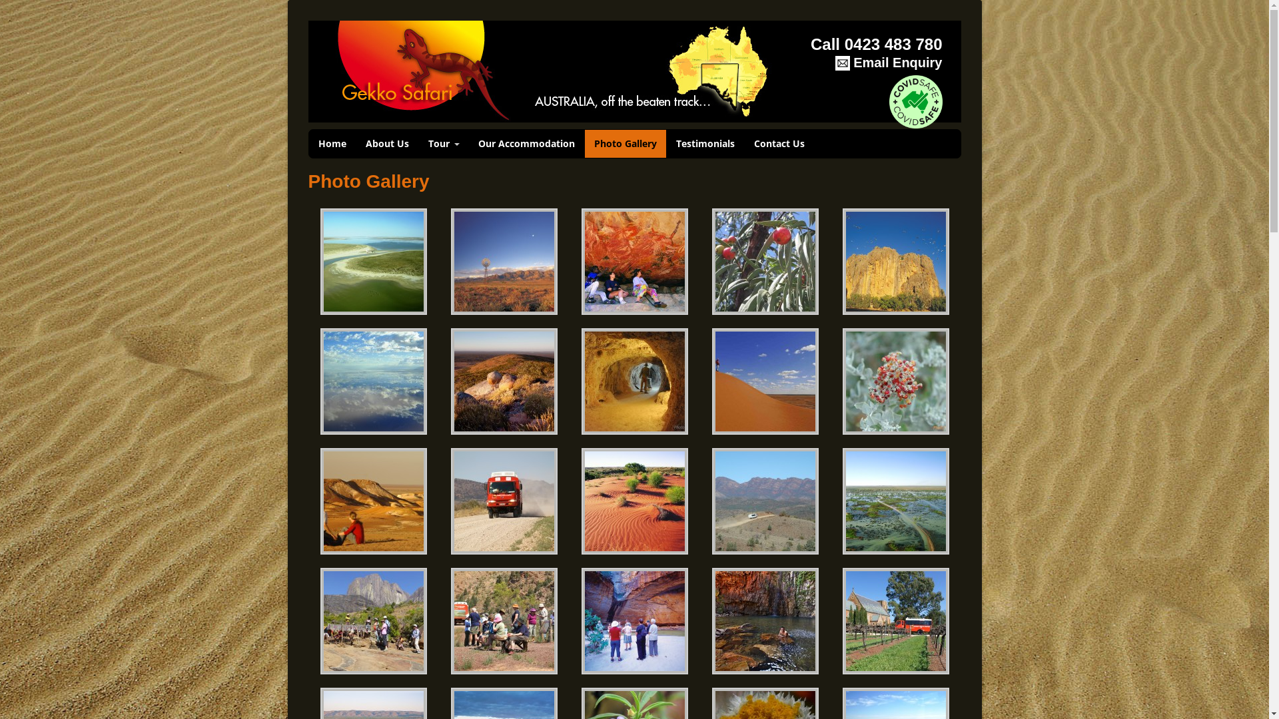  What do you see at coordinates (625, 144) in the screenshot?
I see `'Photo Gallery'` at bounding box center [625, 144].